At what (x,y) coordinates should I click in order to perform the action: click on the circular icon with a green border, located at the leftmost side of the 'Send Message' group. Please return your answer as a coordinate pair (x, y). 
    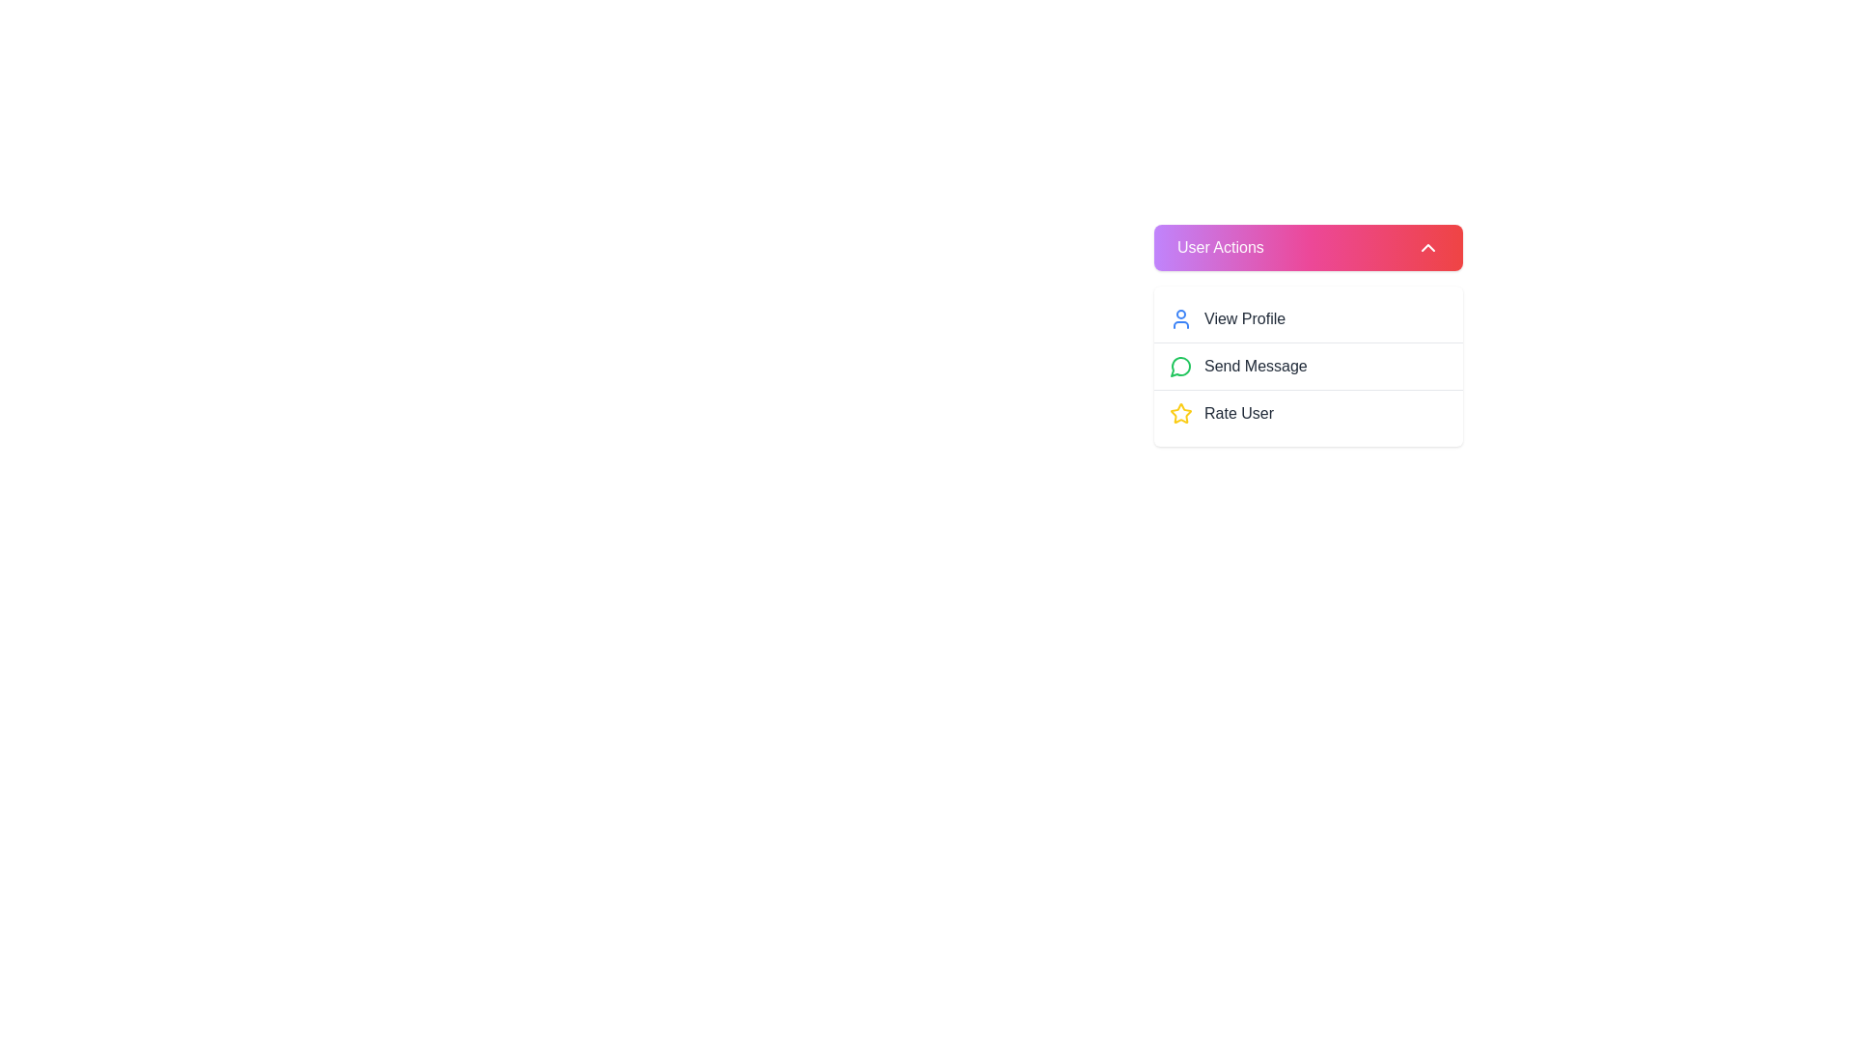
    Looking at the image, I should click on (1180, 367).